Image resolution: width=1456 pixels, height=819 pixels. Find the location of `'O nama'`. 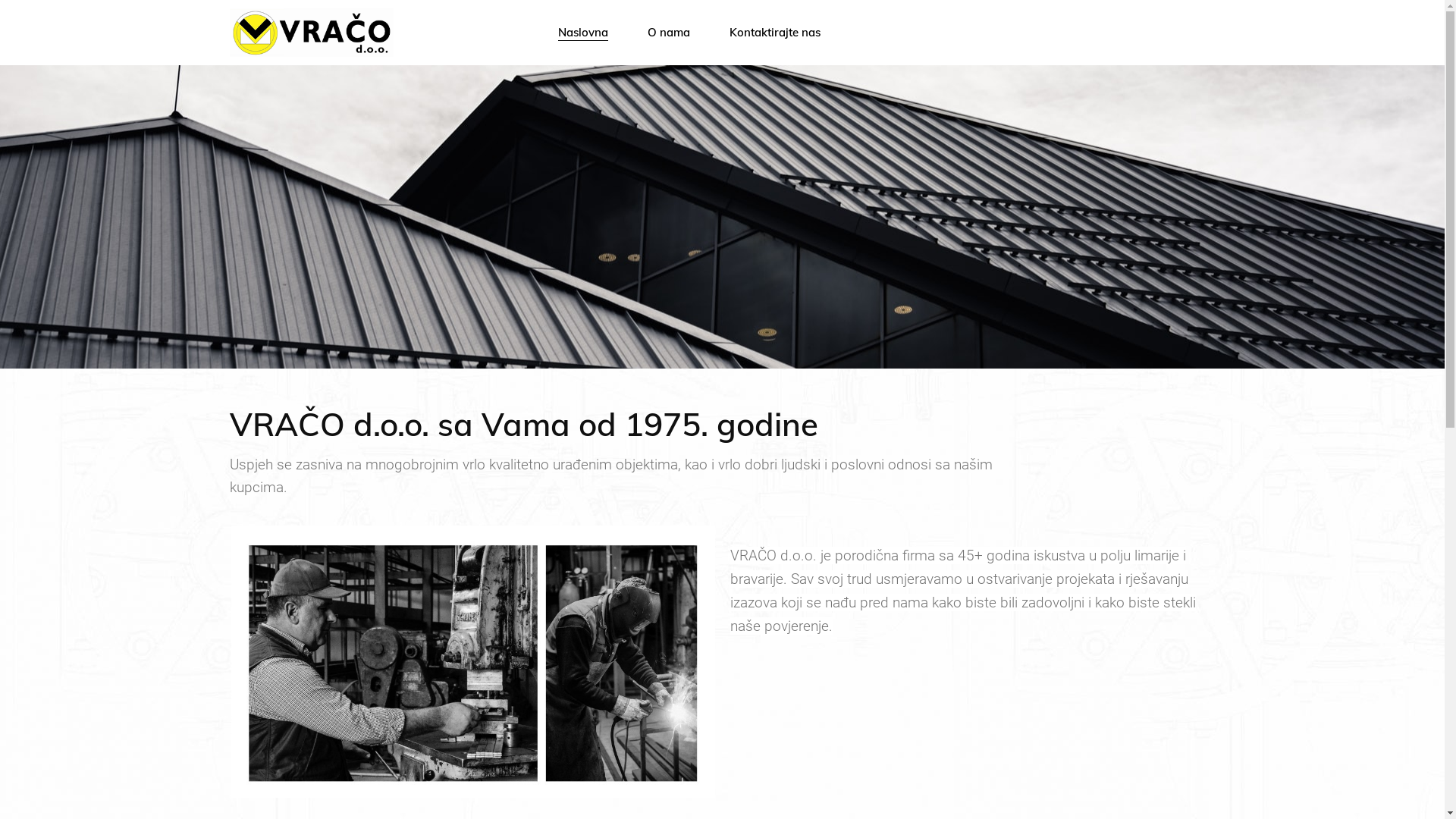

'O nama' is located at coordinates (668, 32).